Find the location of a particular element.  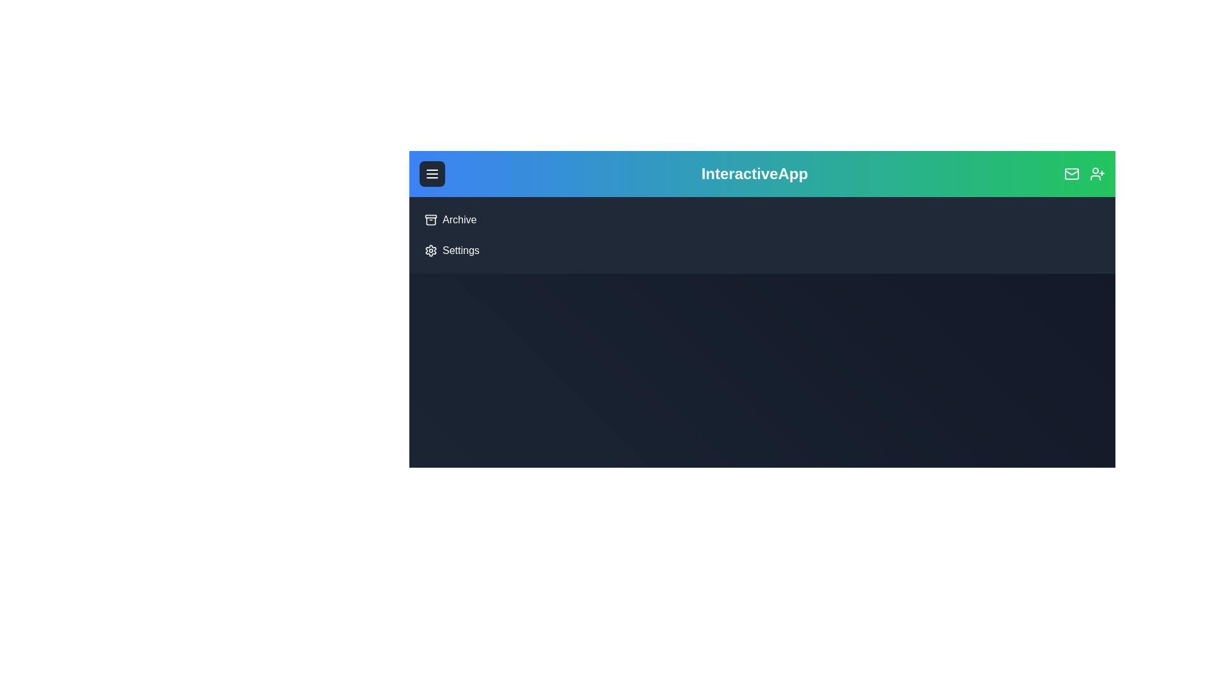

the 'UserPlus' icon to observe the hover effect is located at coordinates (1097, 174).